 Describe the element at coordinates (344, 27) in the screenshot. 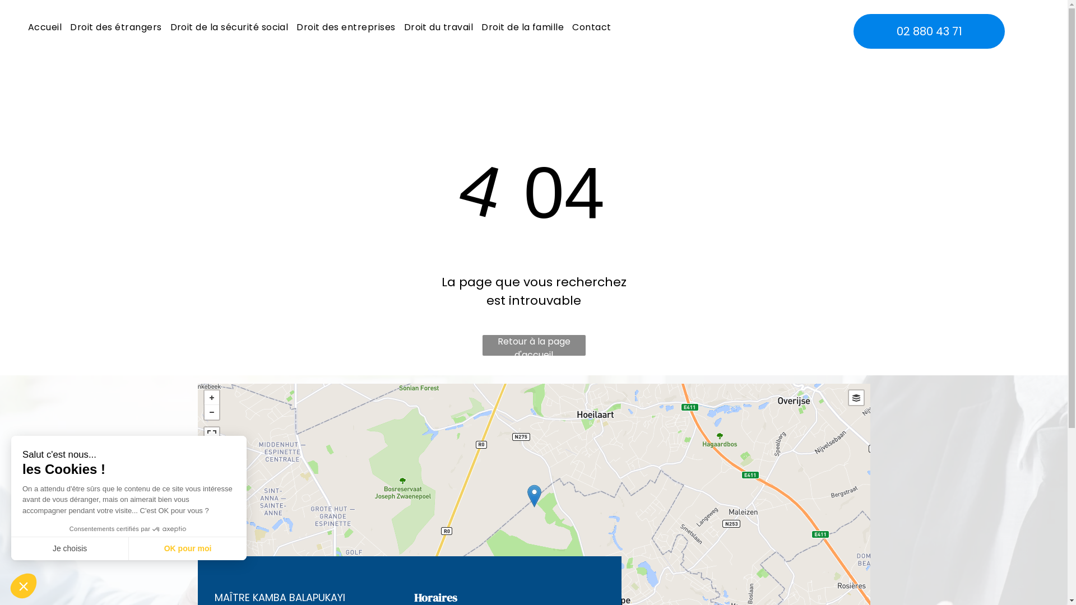

I see `'Droit des entreprises'` at that location.